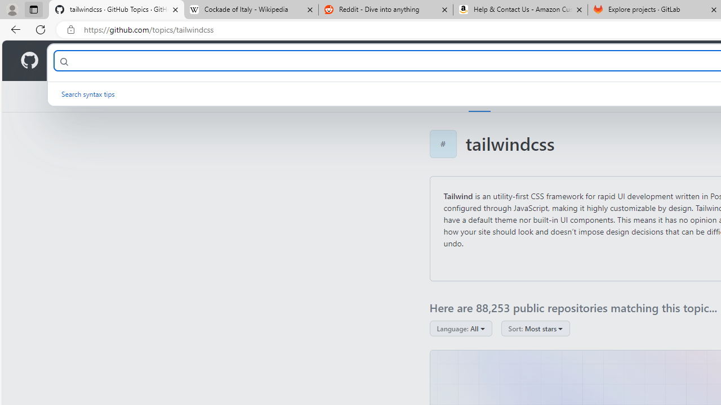  I want to click on 'Language: All', so click(460, 328).